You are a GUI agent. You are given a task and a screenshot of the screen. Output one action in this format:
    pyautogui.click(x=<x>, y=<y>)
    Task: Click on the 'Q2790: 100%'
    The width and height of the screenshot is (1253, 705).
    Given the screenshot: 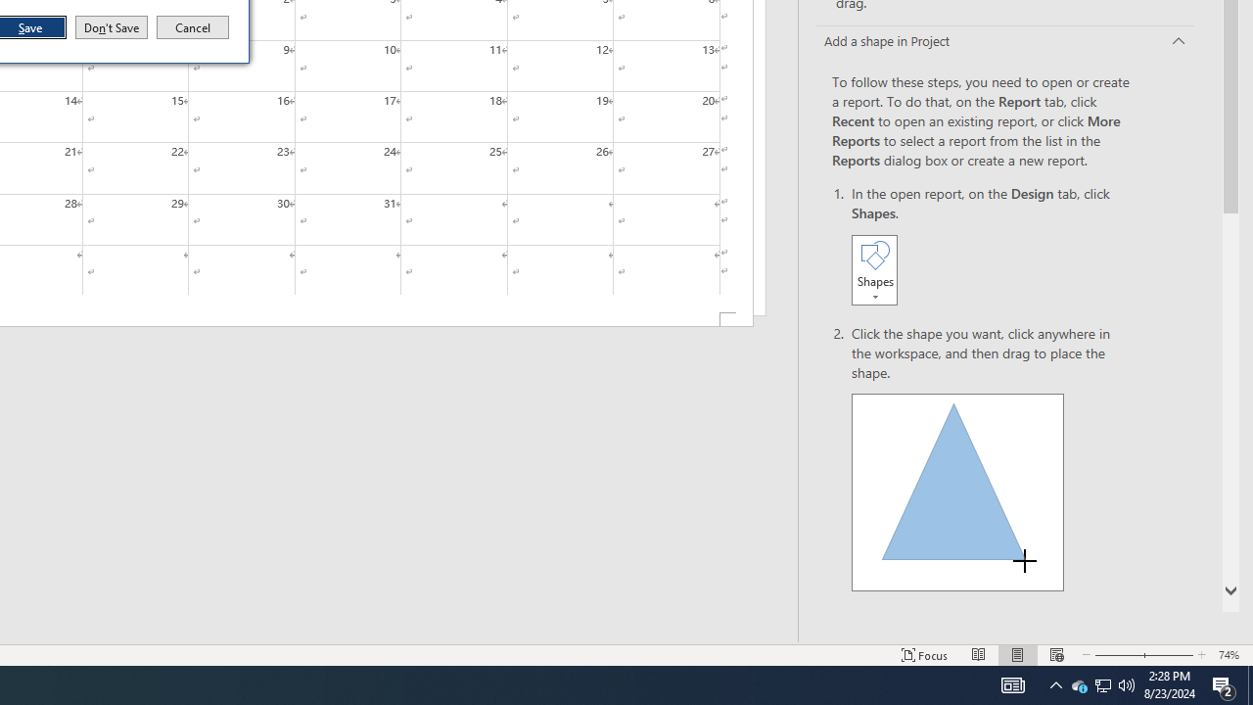 What is the action you would take?
    pyautogui.click(x=1127, y=683)
    